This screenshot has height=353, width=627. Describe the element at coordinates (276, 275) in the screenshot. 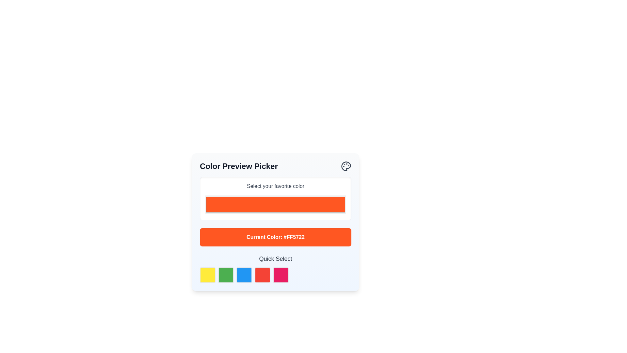

I see `the pink color selection button, which is the fifth square from the left` at that location.